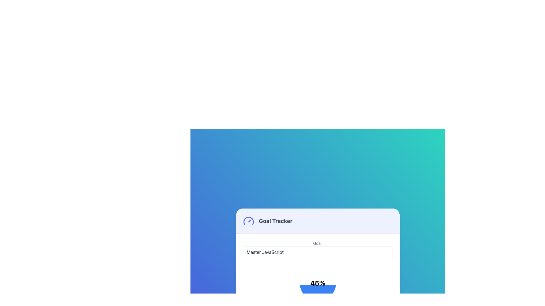 This screenshot has height=306, width=545. Describe the element at coordinates (248, 220) in the screenshot. I see `the small purple gauge icon with a circular outline and a needle pointing inward, which is located to the left of the 'Goal Tracker' text in the header section` at that location.